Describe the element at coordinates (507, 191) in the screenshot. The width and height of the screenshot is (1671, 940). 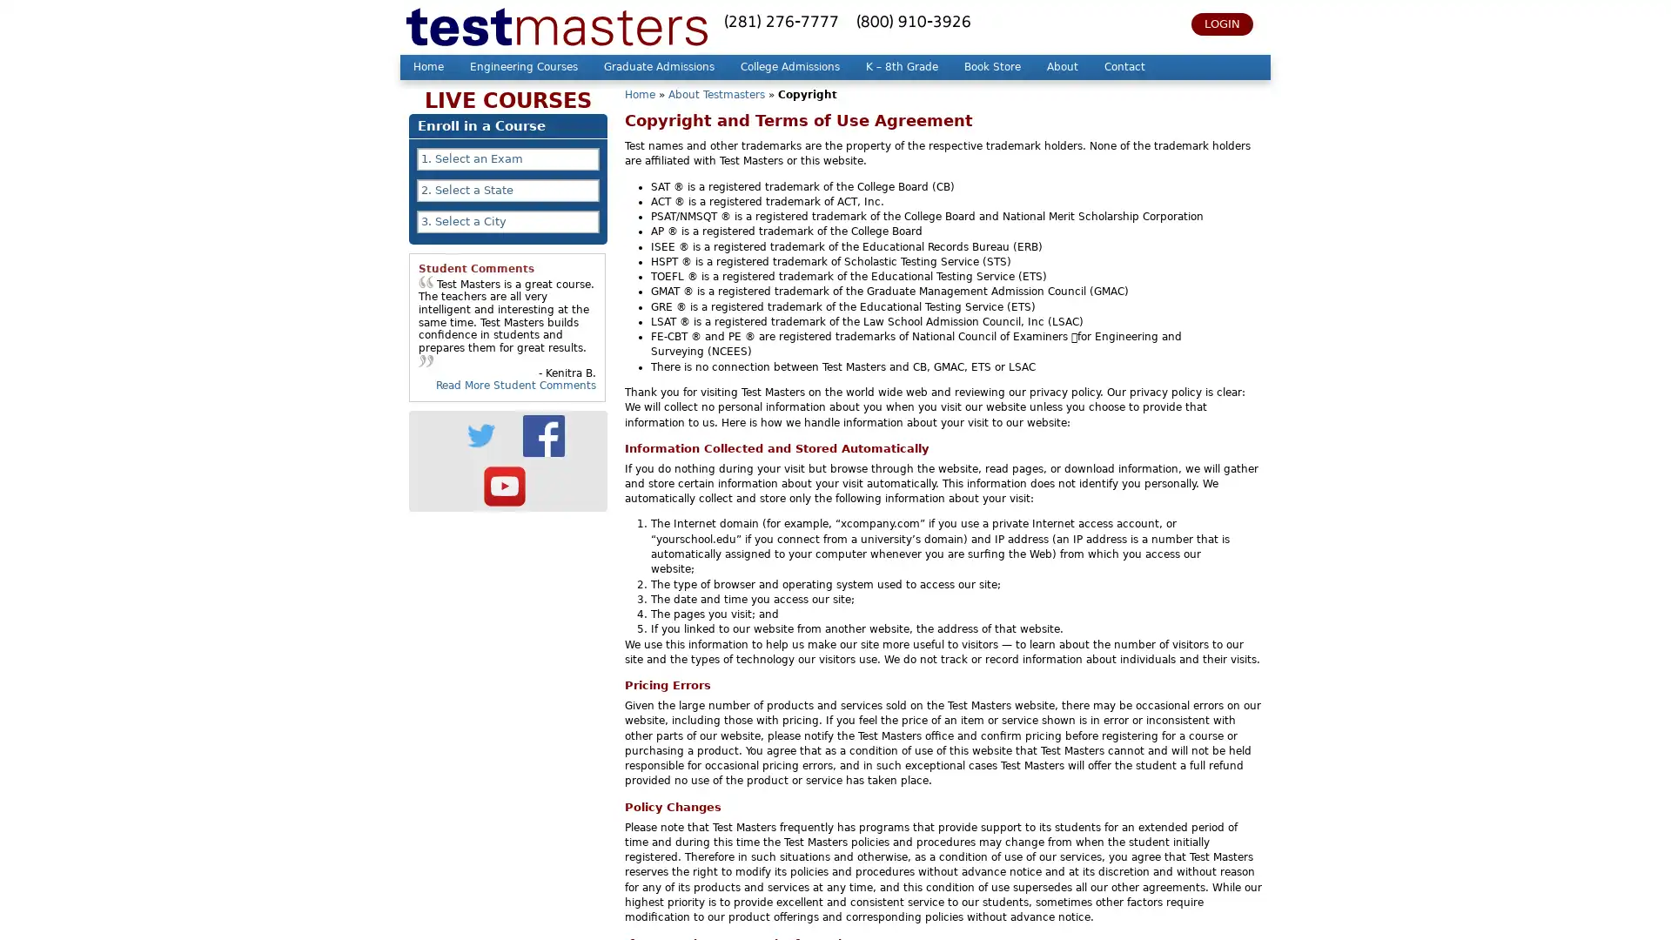
I see `2. Select a State` at that location.